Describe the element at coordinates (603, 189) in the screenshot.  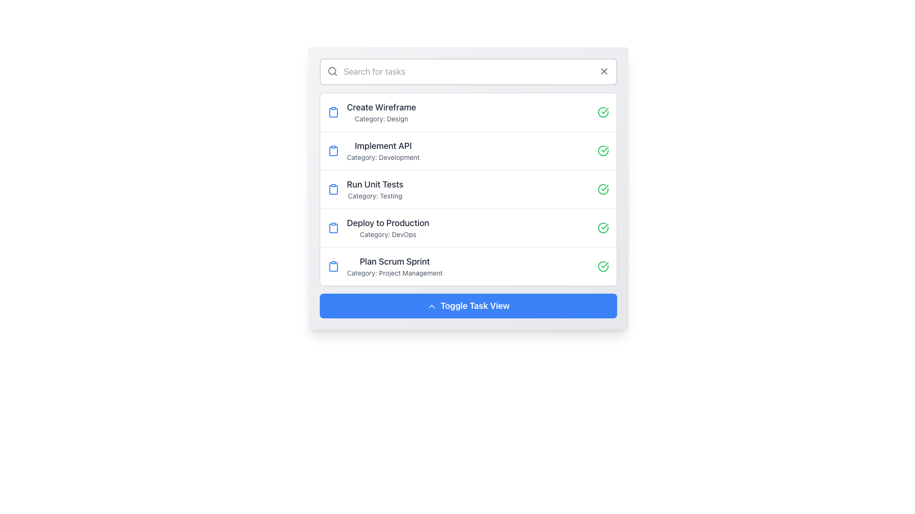
I see `the Checkmark Icon, which is a circular green icon with a checkmark, located on the right side of the 'Run Unit Tests' list item` at that location.